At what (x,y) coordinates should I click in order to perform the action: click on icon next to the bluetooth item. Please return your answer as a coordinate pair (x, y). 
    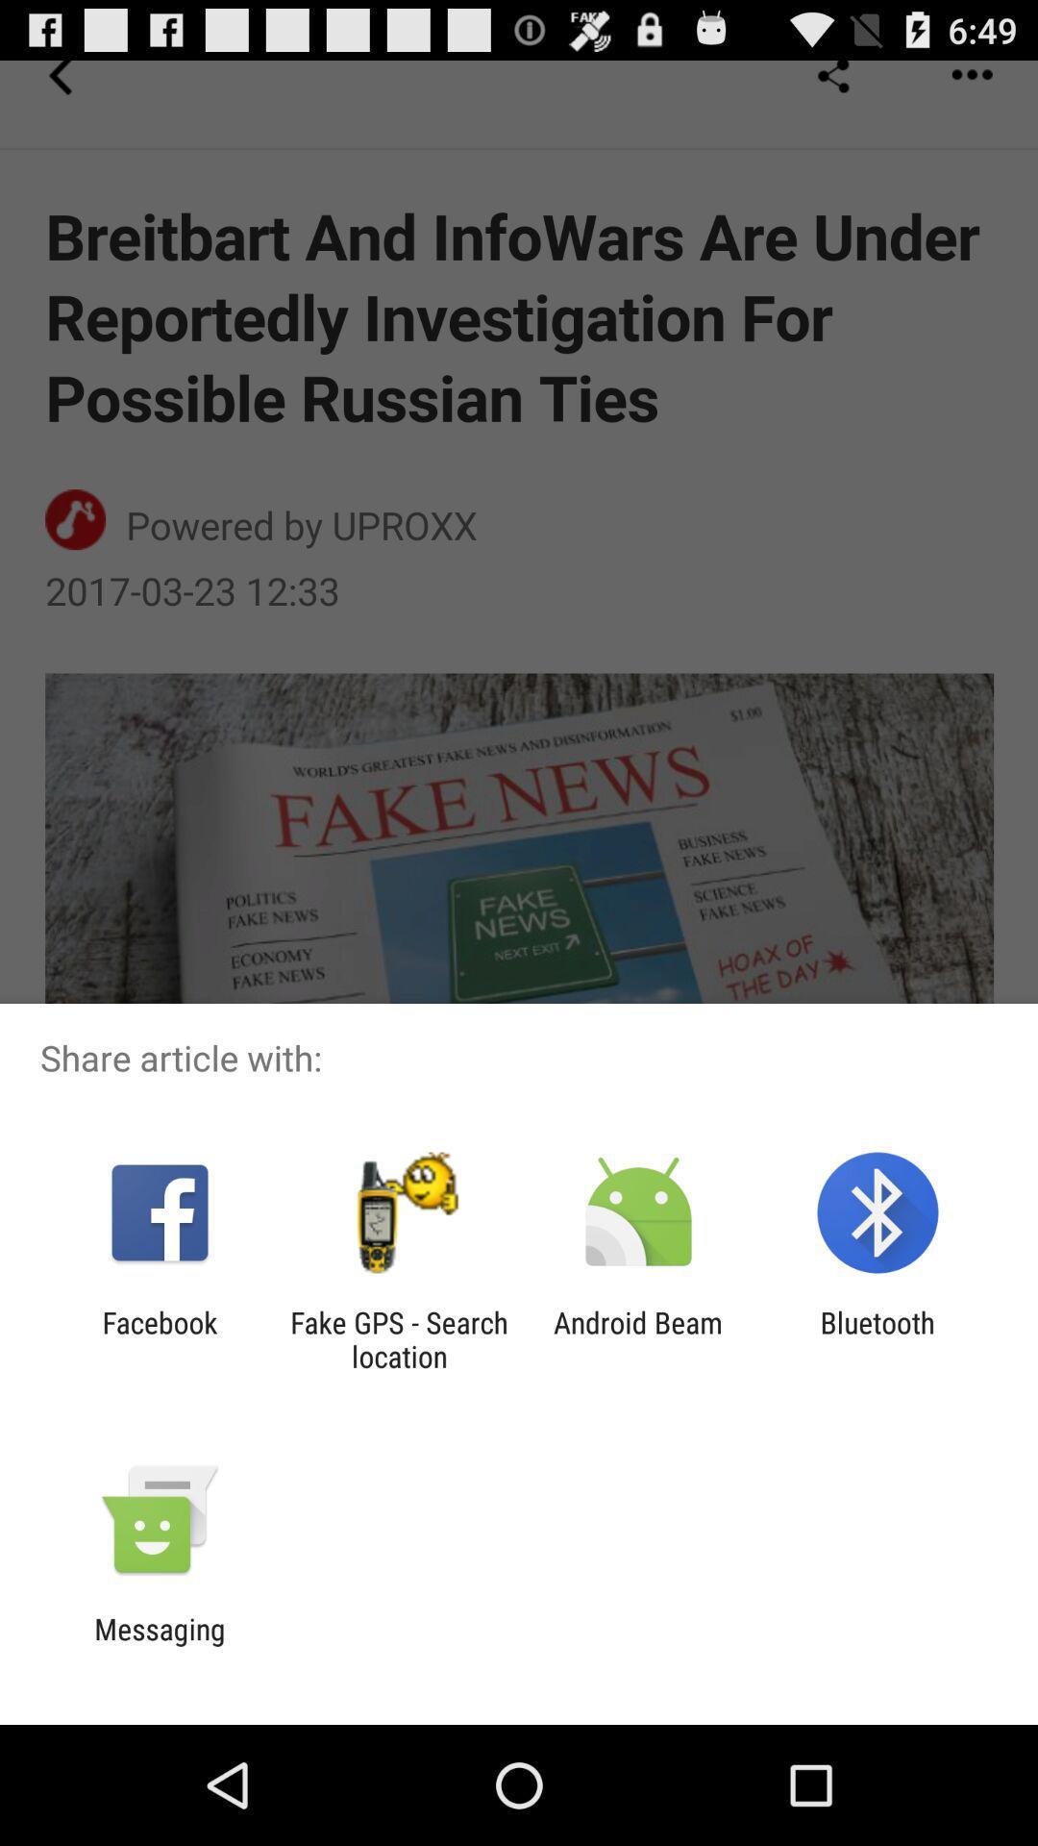
    Looking at the image, I should click on (638, 1338).